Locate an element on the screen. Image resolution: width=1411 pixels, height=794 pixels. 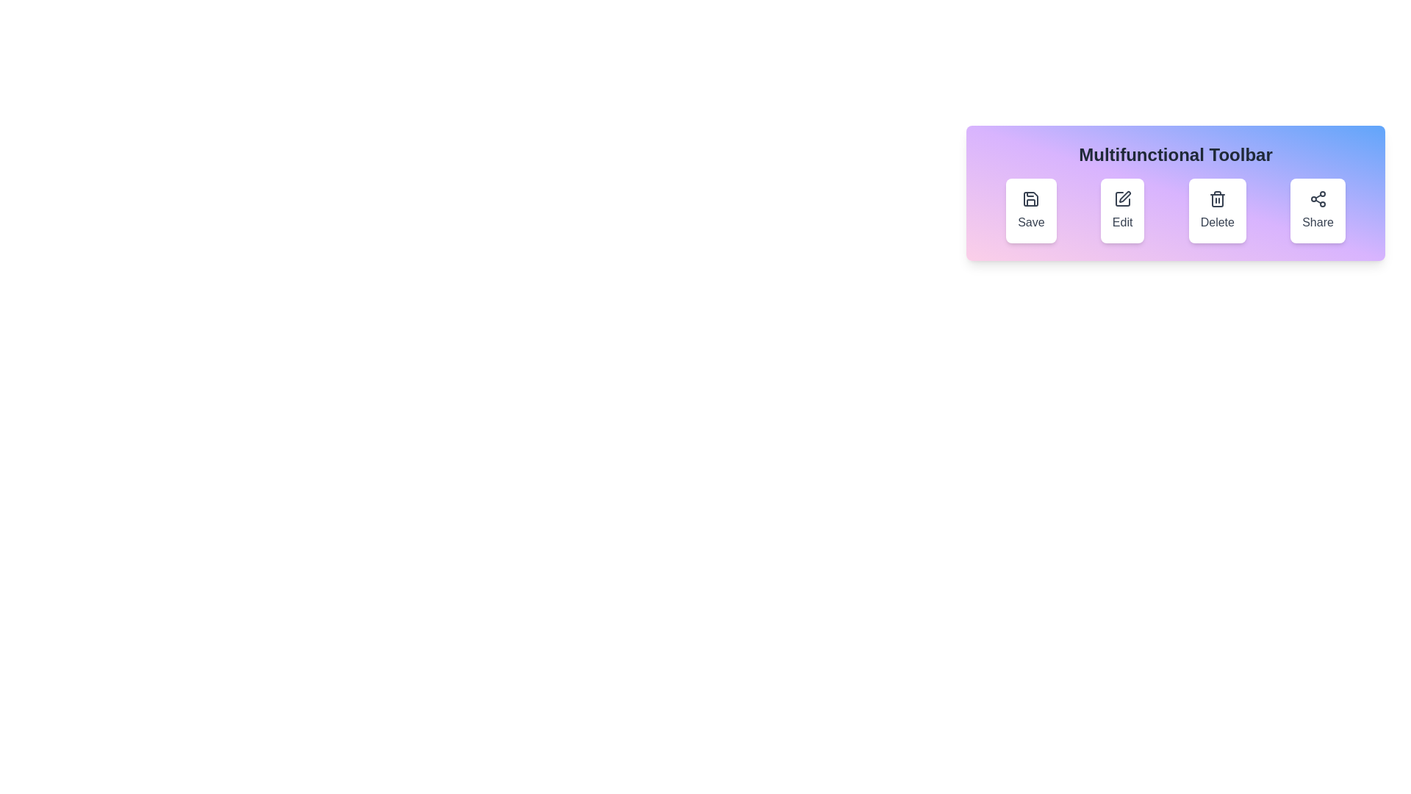
the Save icon located in the first button on the toolbar is located at coordinates (1030, 198).